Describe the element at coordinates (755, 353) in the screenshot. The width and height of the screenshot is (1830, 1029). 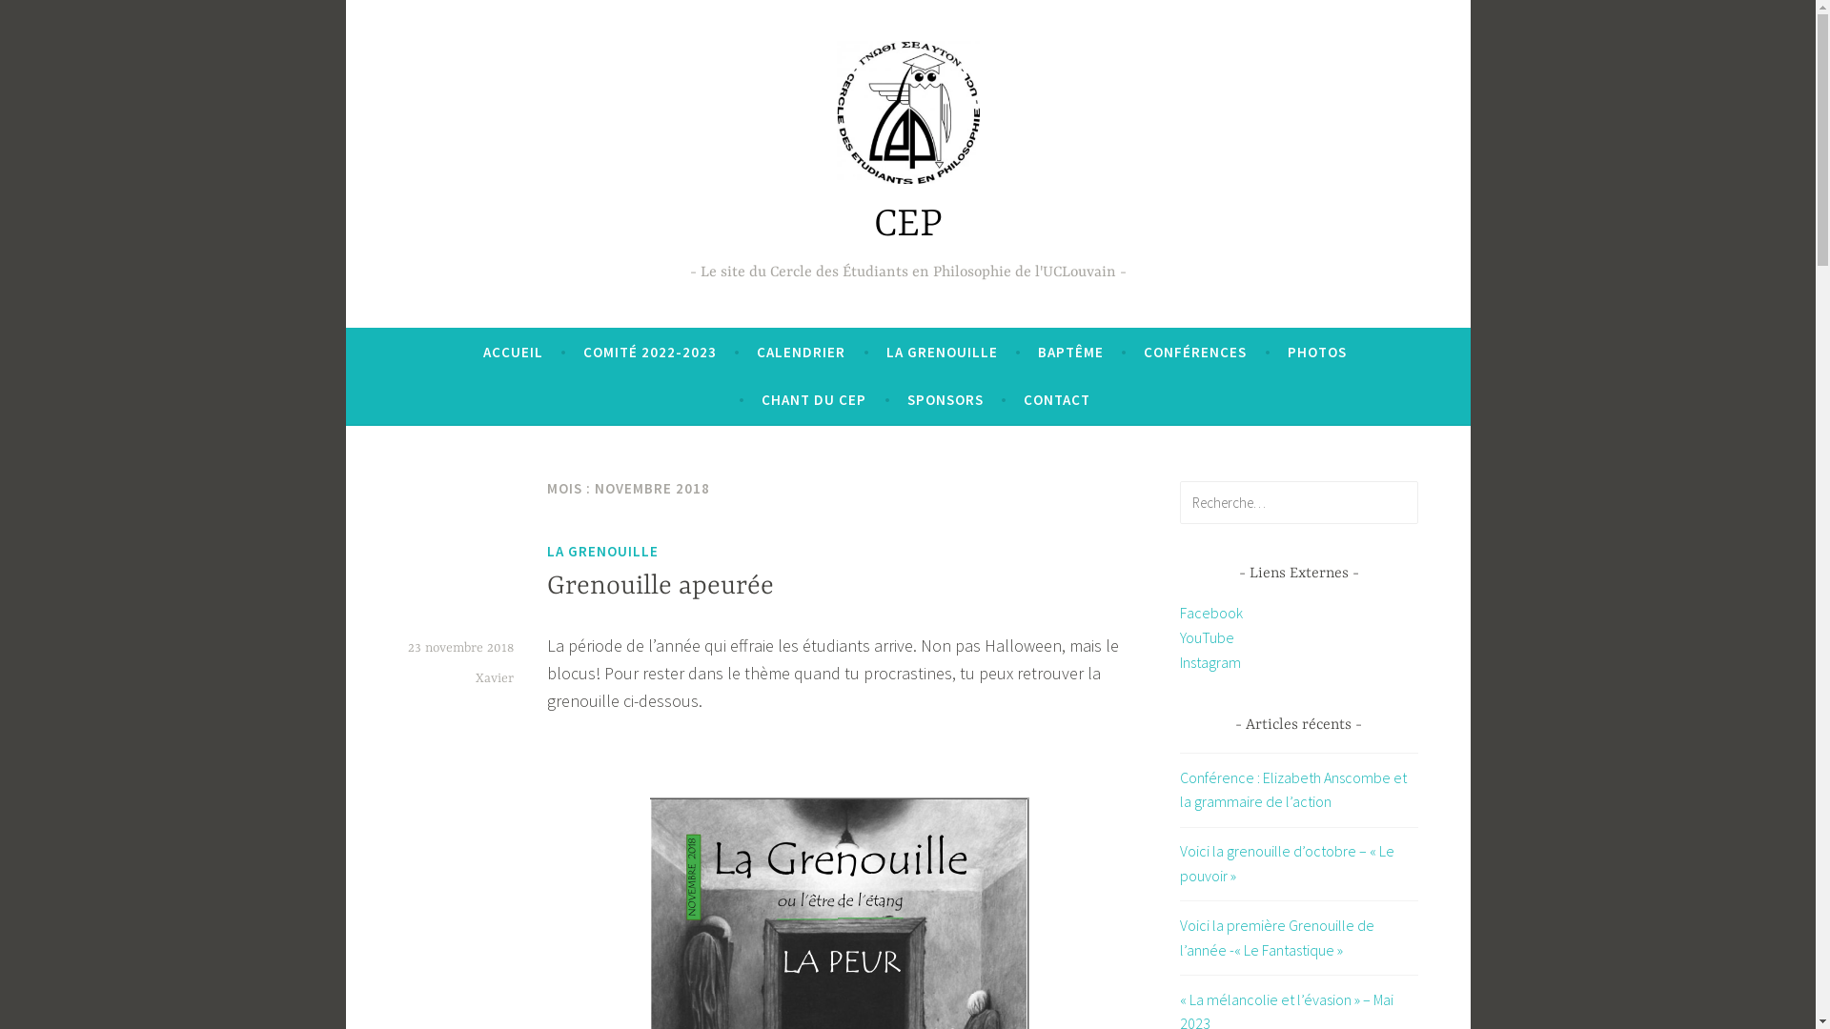
I see `'CALENDRIER'` at that location.